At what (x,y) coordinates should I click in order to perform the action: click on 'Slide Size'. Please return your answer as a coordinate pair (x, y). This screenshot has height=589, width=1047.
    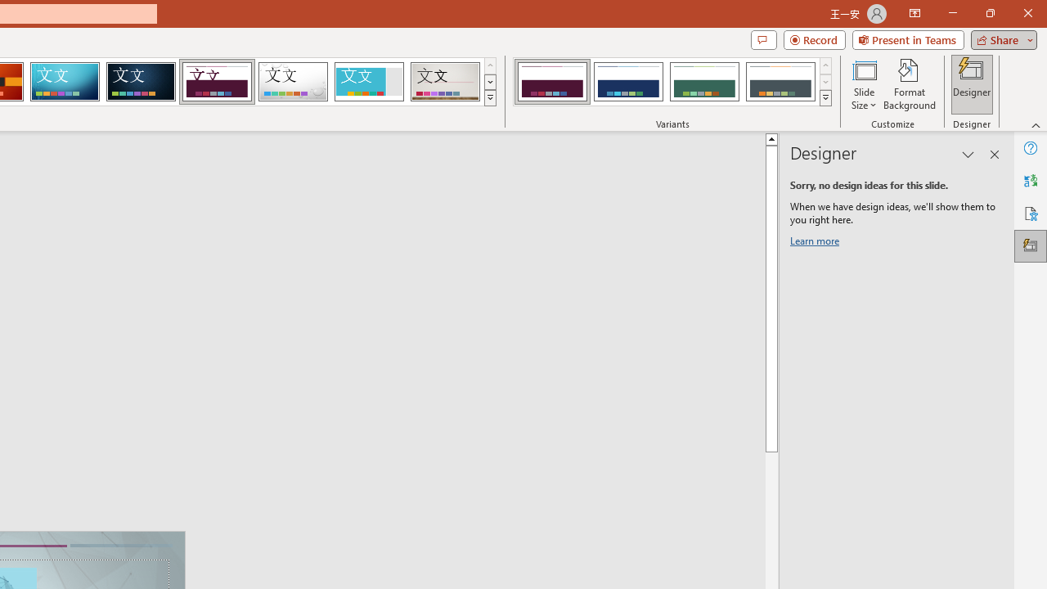
    Looking at the image, I should click on (863, 84).